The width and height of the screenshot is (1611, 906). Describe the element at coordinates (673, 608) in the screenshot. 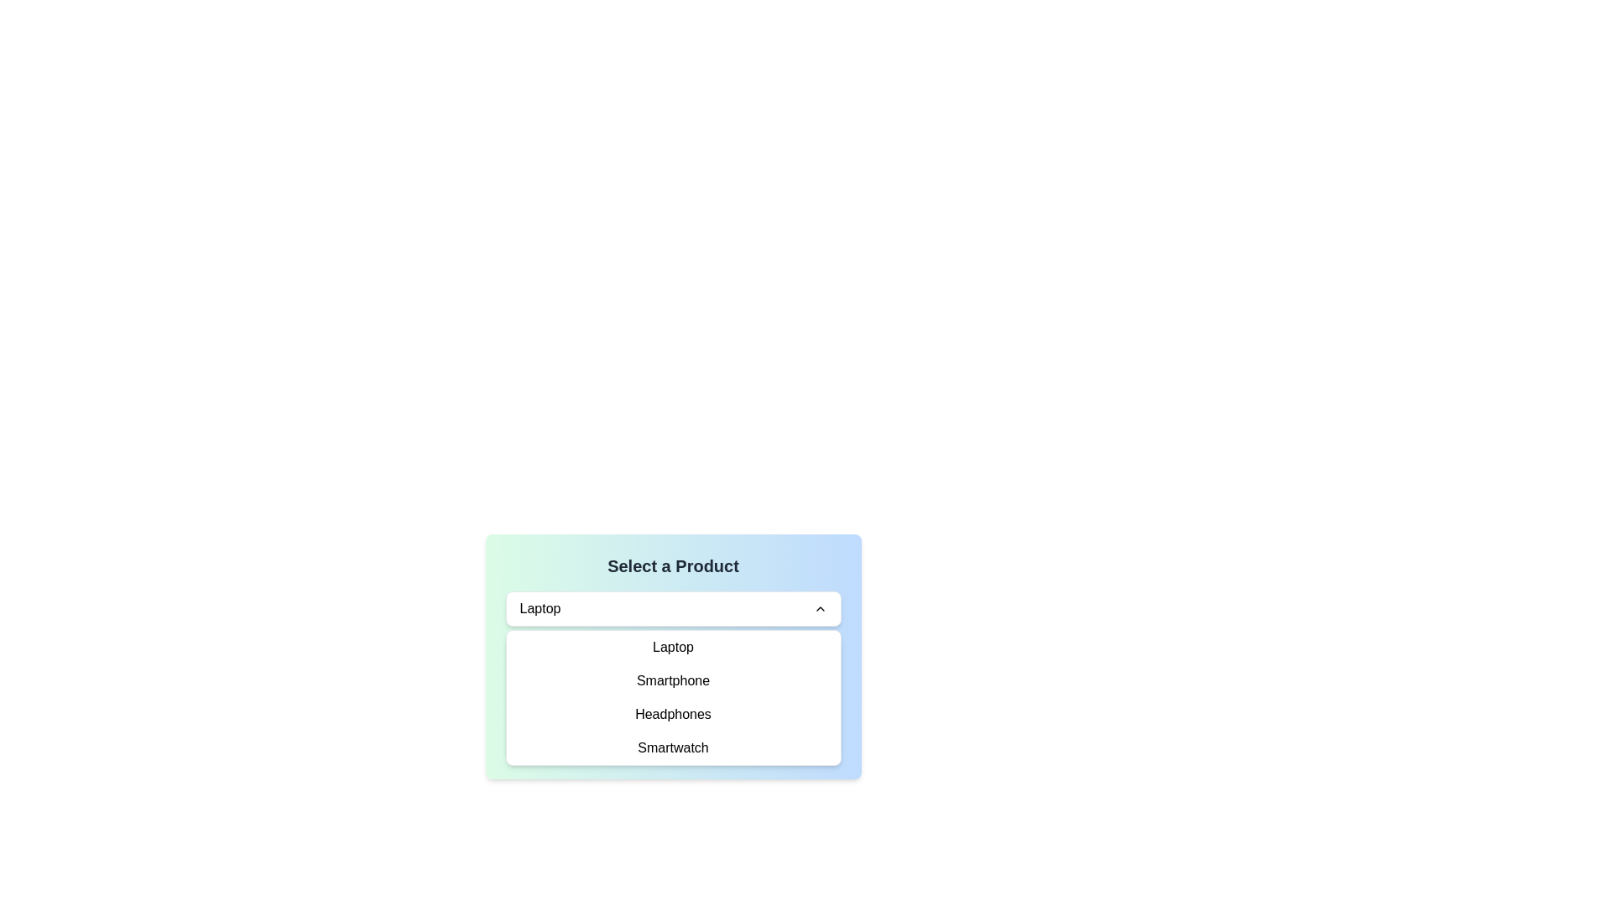

I see `the dropdown menu labeled 'Laptop'` at that location.